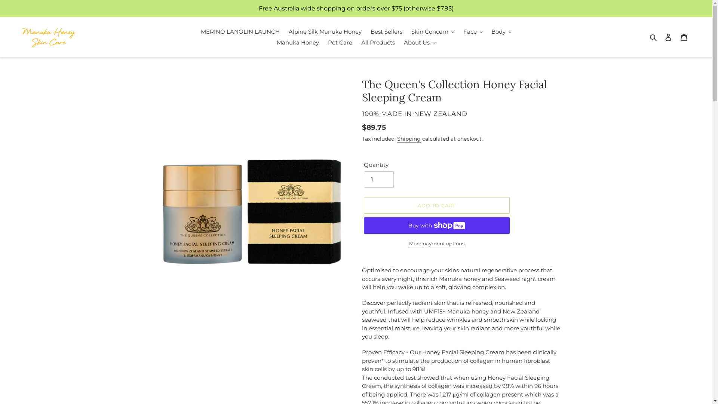  Describe the element at coordinates (676, 37) in the screenshot. I see `'Cart'` at that location.